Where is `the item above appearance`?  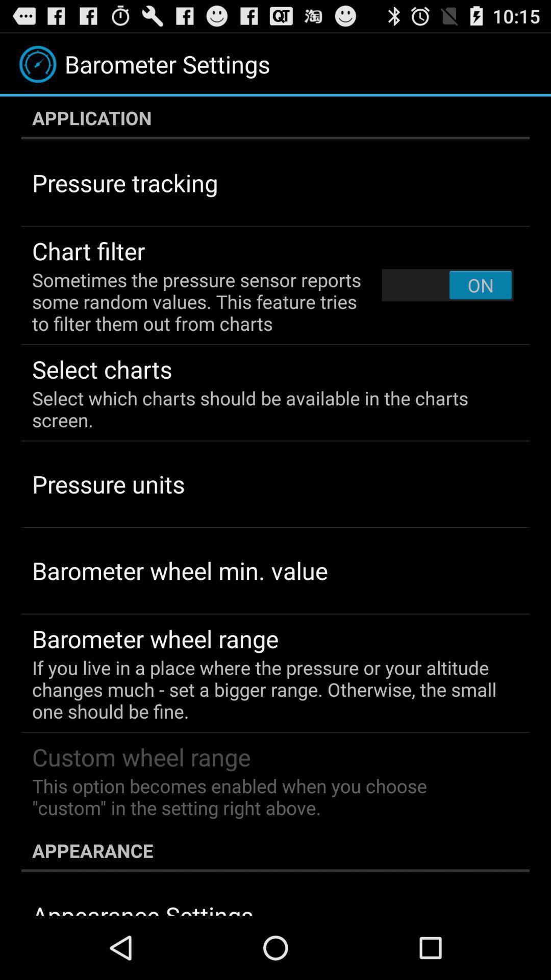 the item above appearance is located at coordinates (268, 796).